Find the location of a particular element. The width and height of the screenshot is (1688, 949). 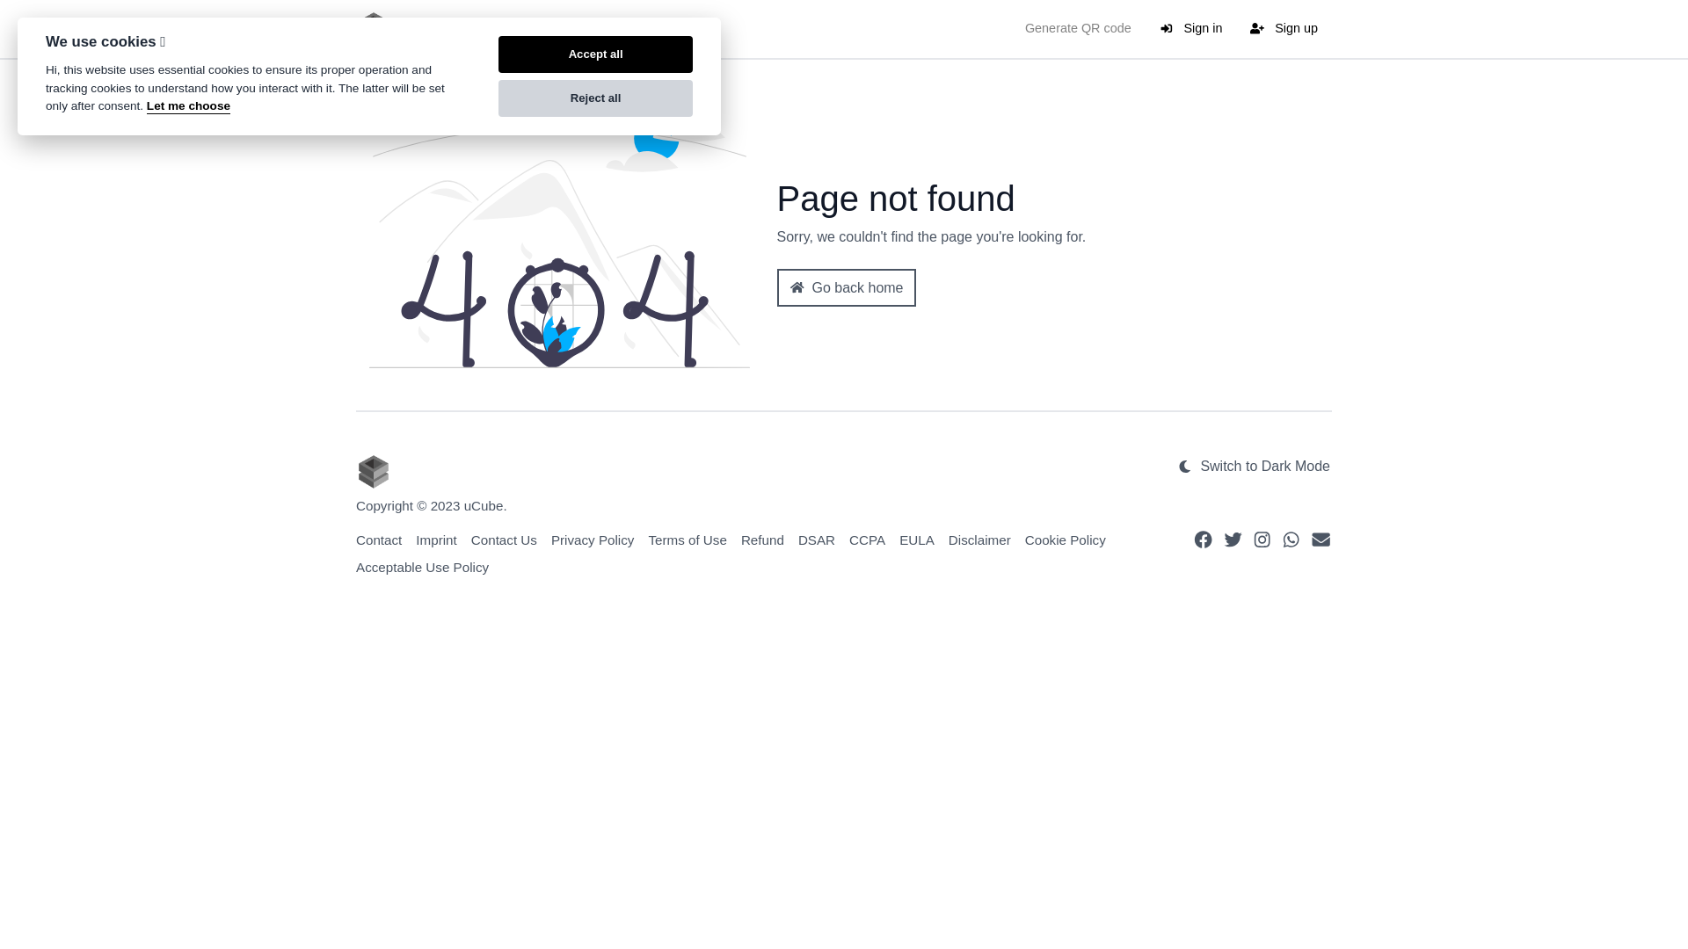

'Sign in' is located at coordinates (1145, 29).